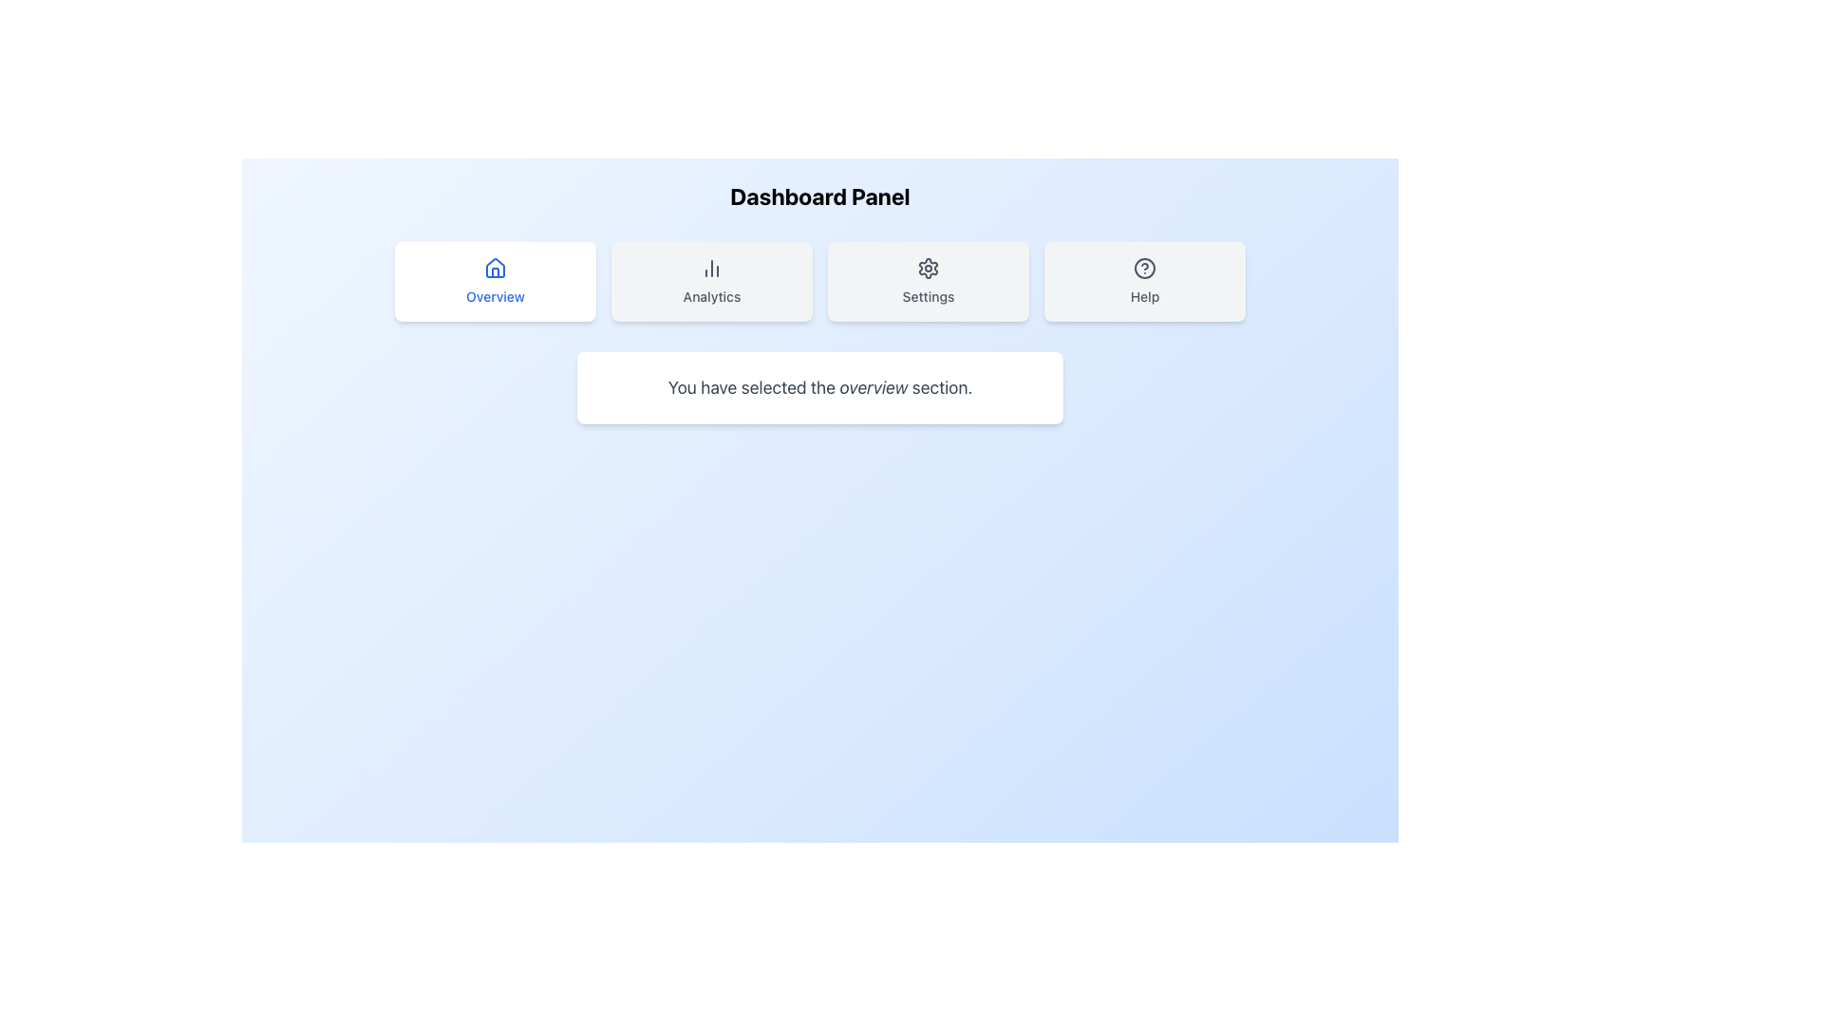 The width and height of the screenshot is (1823, 1025). Describe the element at coordinates (929, 268) in the screenshot. I see `the settings icon located in the navigation panel` at that location.